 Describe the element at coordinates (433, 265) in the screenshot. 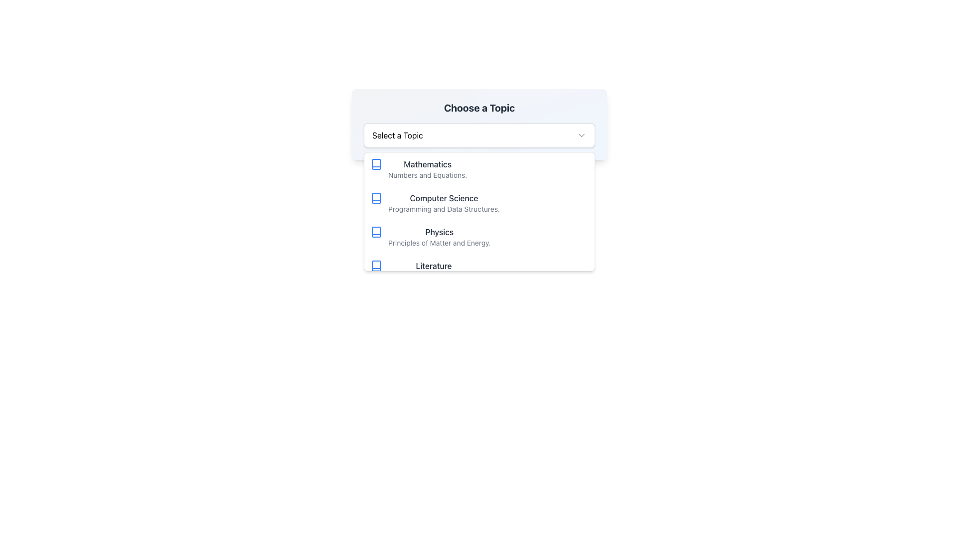

I see `to select the 'Literature' topic, which is the primary label for this category in the dropdown menu titled 'Choose a Topic'` at that location.